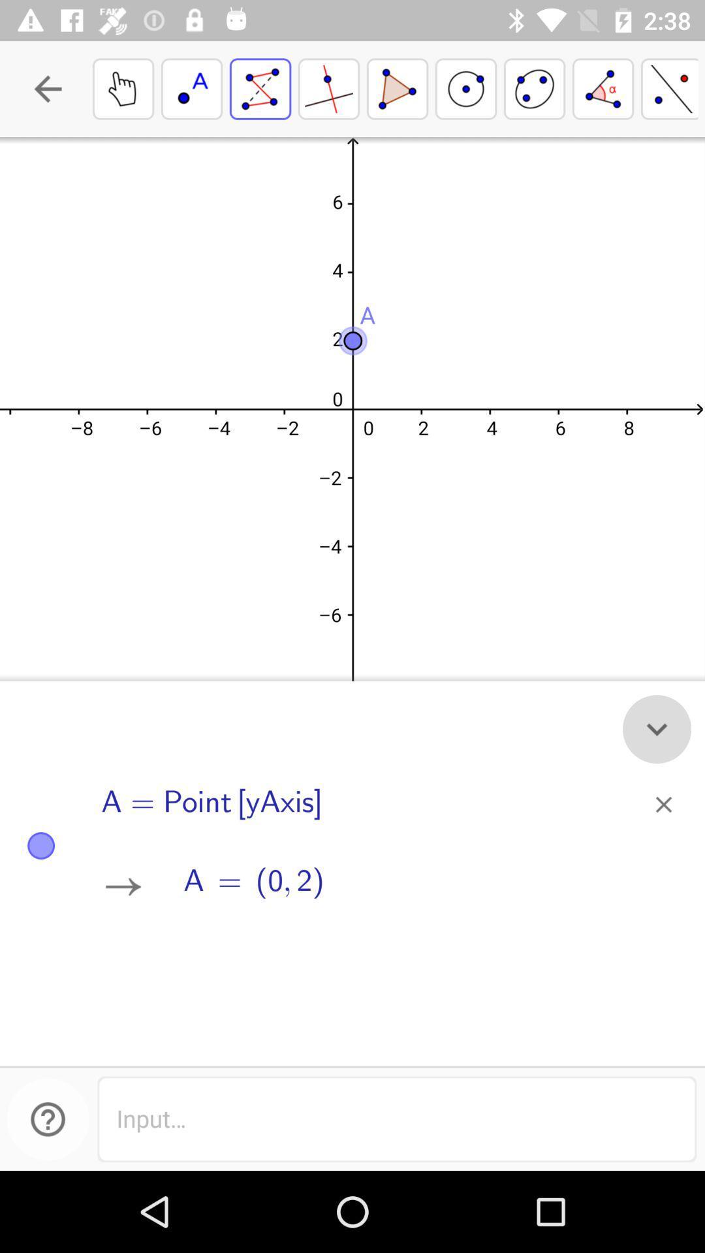 This screenshot has height=1253, width=705. Describe the element at coordinates (465, 88) in the screenshot. I see `the button which is fourth button from the left side at top of the page` at that location.